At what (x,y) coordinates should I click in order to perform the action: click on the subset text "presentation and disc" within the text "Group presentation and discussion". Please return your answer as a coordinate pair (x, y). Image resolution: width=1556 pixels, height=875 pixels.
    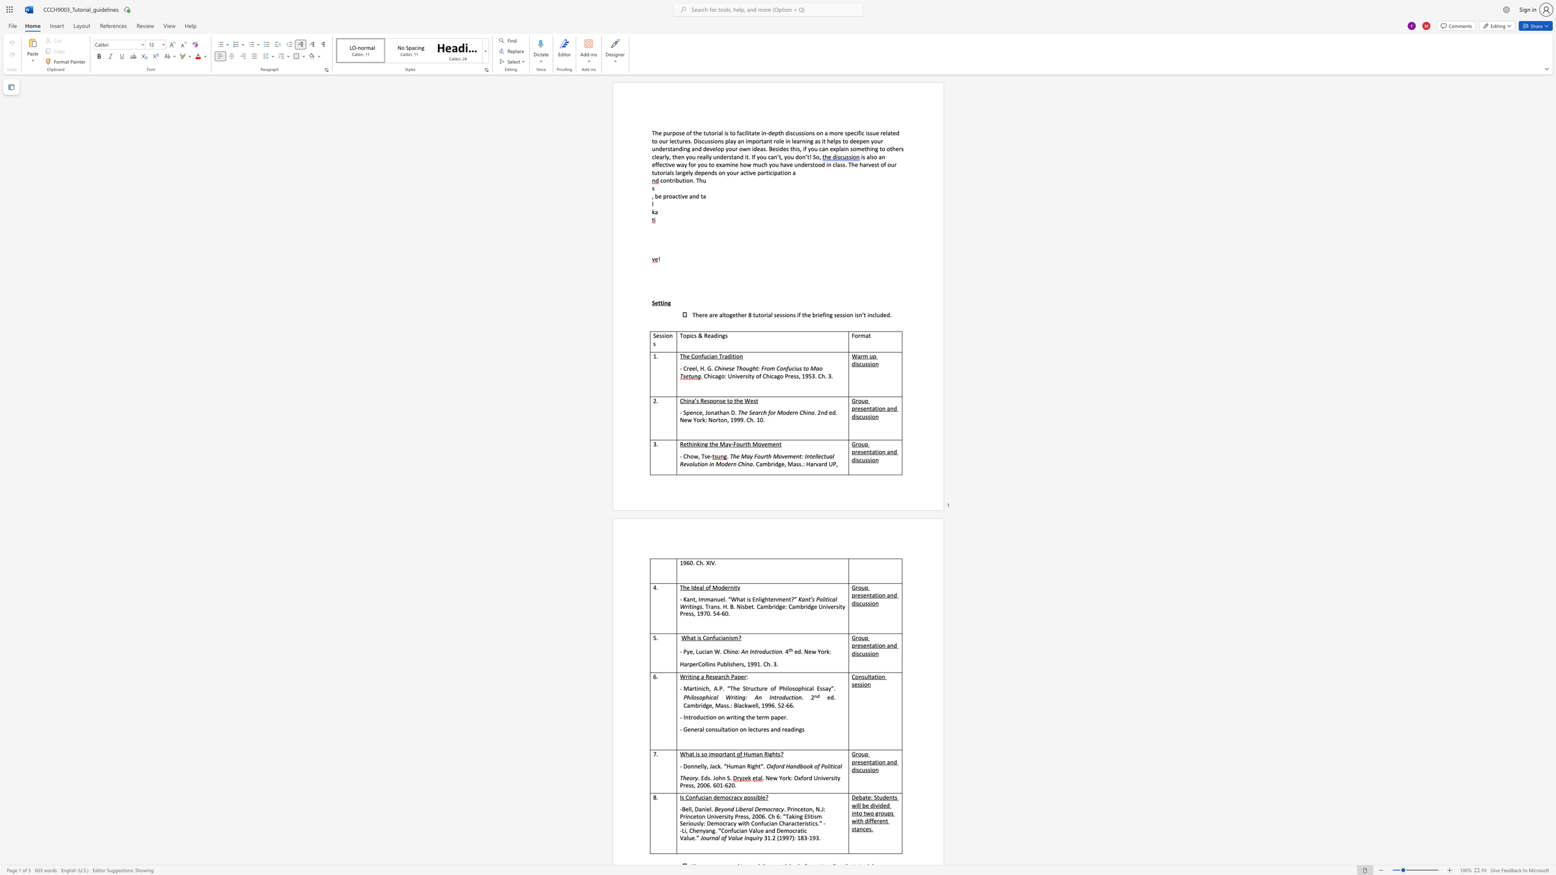
    Looking at the image, I should click on (851, 761).